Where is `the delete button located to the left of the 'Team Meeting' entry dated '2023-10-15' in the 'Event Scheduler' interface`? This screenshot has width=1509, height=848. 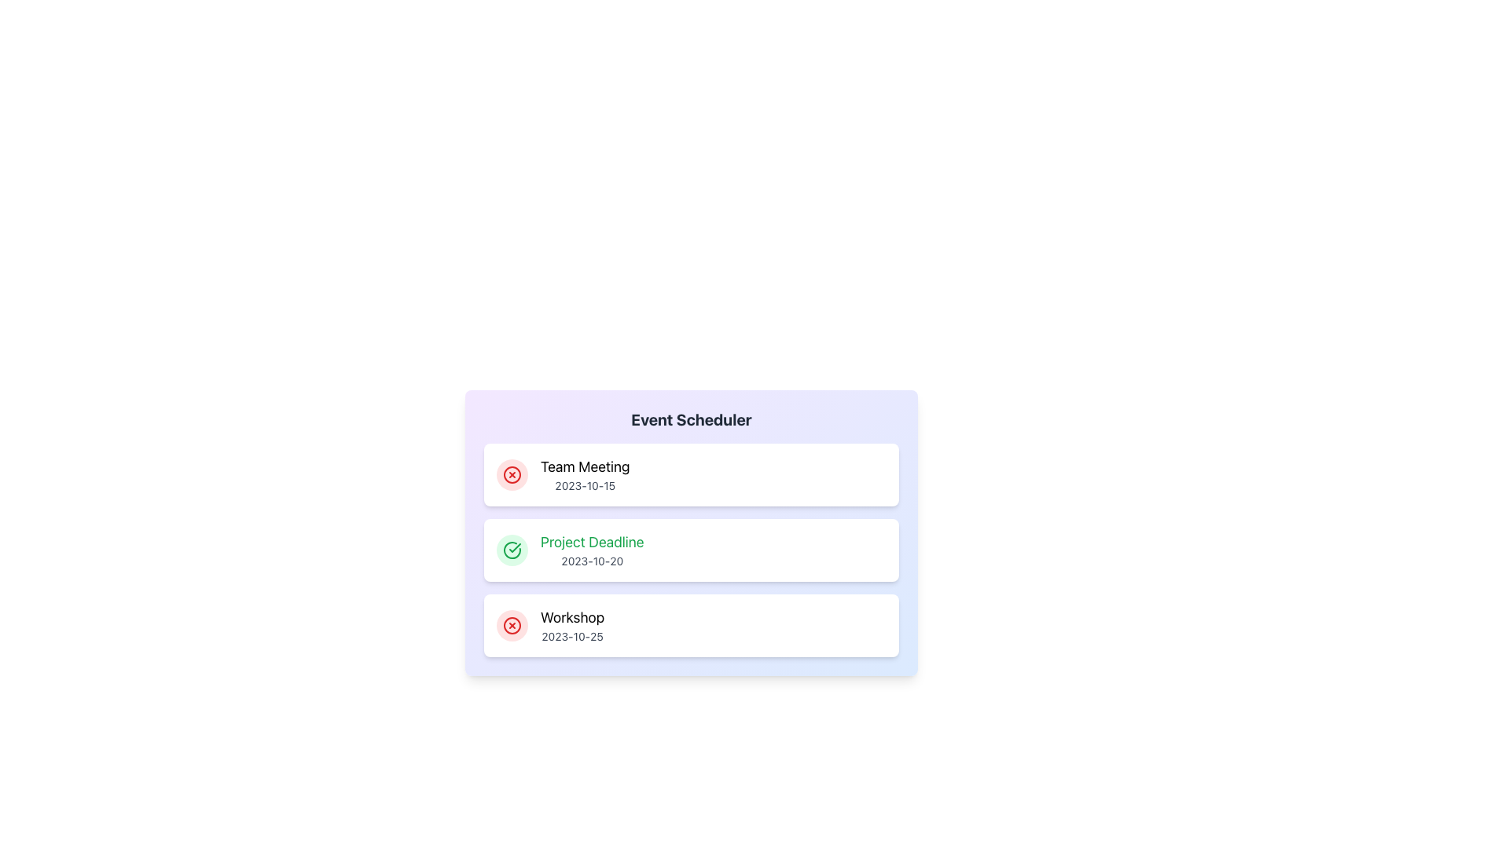 the delete button located to the left of the 'Team Meeting' entry dated '2023-10-15' in the 'Event Scheduler' interface is located at coordinates (512, 474).